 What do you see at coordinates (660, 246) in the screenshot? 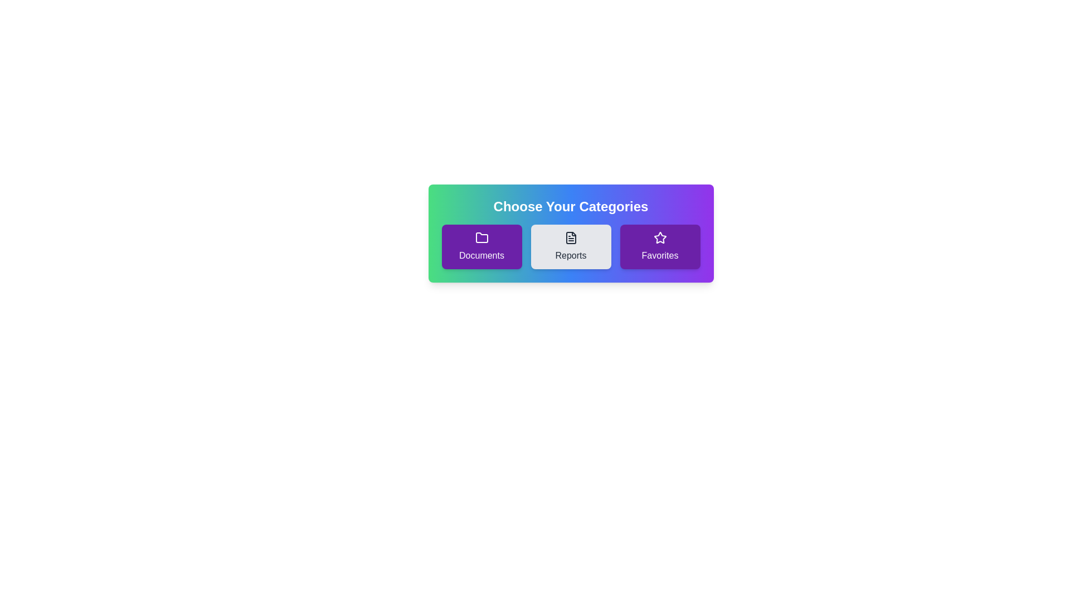
I see `the chip labeled Favorites` at bounding box center [660, 246].